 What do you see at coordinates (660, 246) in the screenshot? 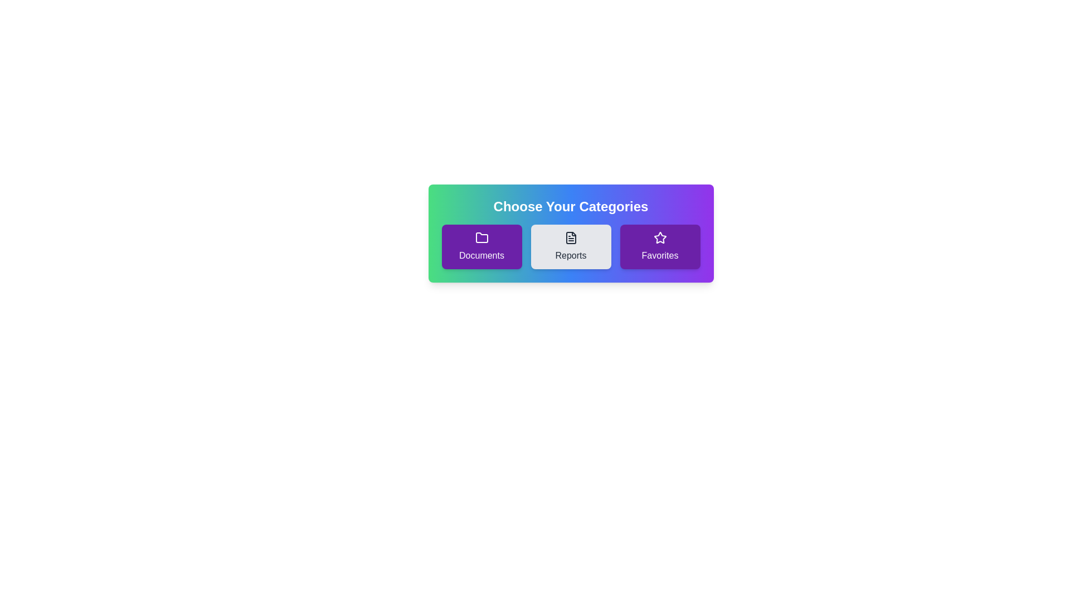
I see `the chip labeled Favorites` at bounding box center [660, 246].